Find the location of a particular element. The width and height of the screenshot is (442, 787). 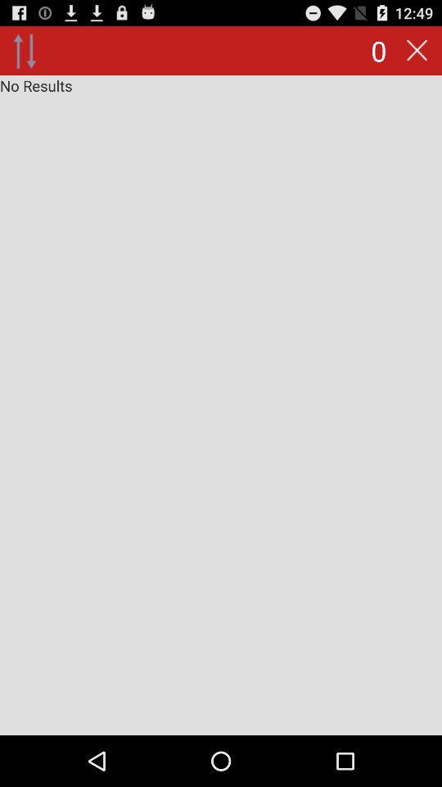

screen is located at coordinates (221, 404).